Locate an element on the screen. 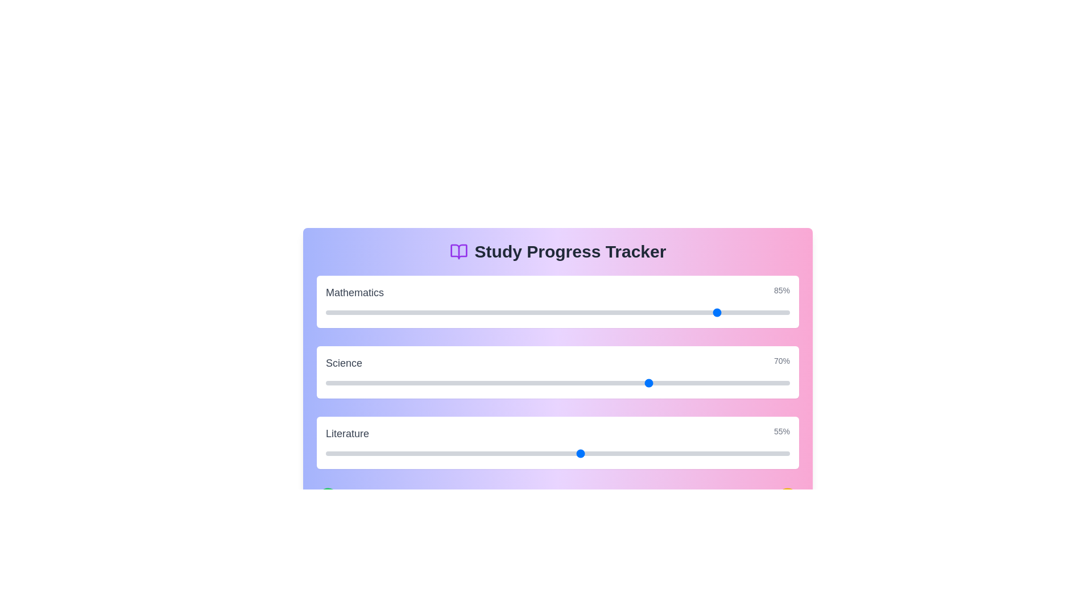 Image resolution: width=1092 pixels, height=614 pixels. the Literature progress slider to 28% is located at coordinates (456, 453).